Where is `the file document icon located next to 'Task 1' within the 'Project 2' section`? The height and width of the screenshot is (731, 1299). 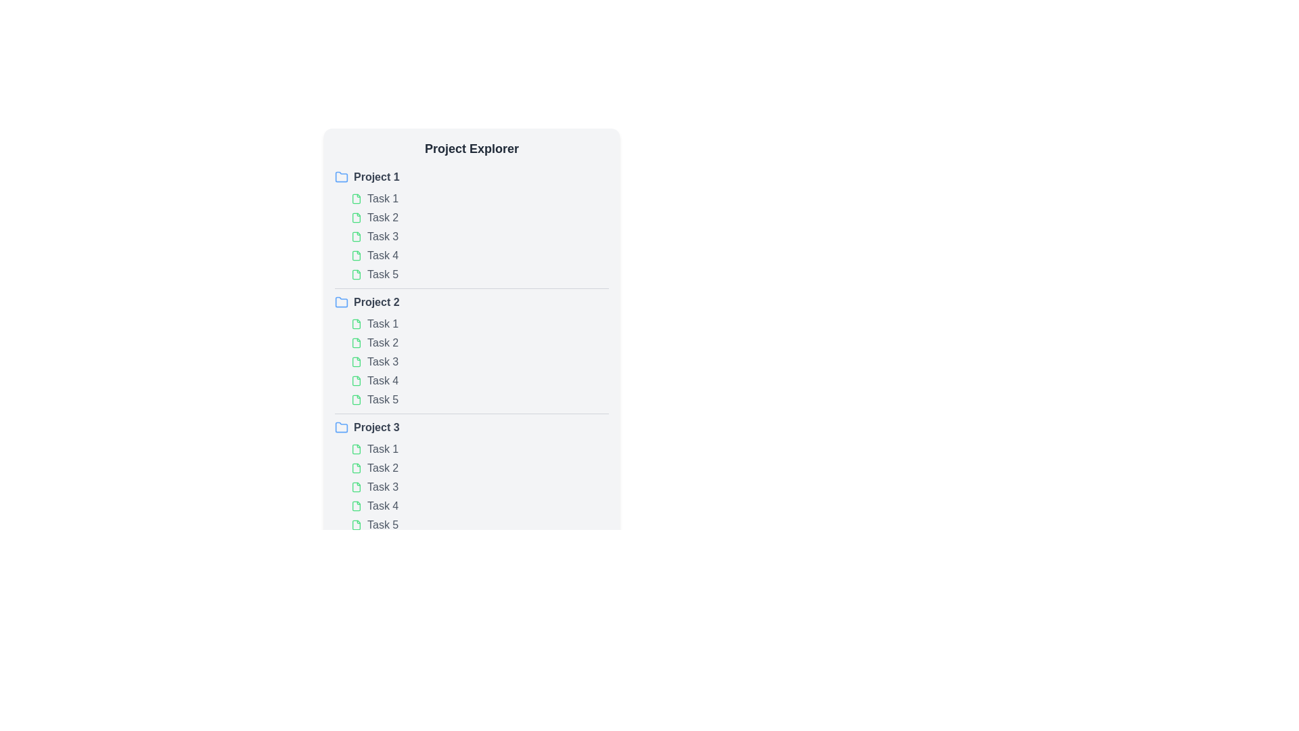 the file document icon located next to 'Task 1' within the 'Project 2' section is located at coordinates (357, 324).